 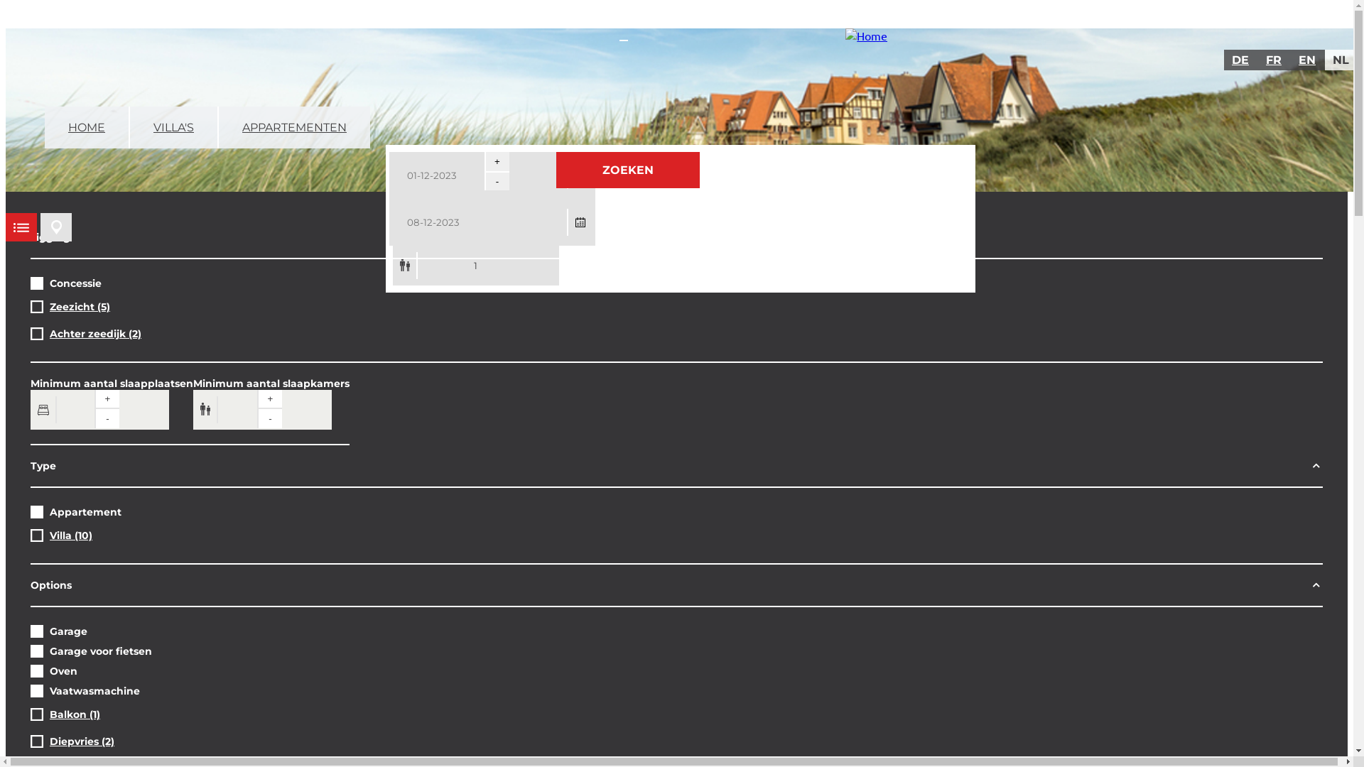 I want to click on 'ZOEKEN', so click(x=627, y=169).